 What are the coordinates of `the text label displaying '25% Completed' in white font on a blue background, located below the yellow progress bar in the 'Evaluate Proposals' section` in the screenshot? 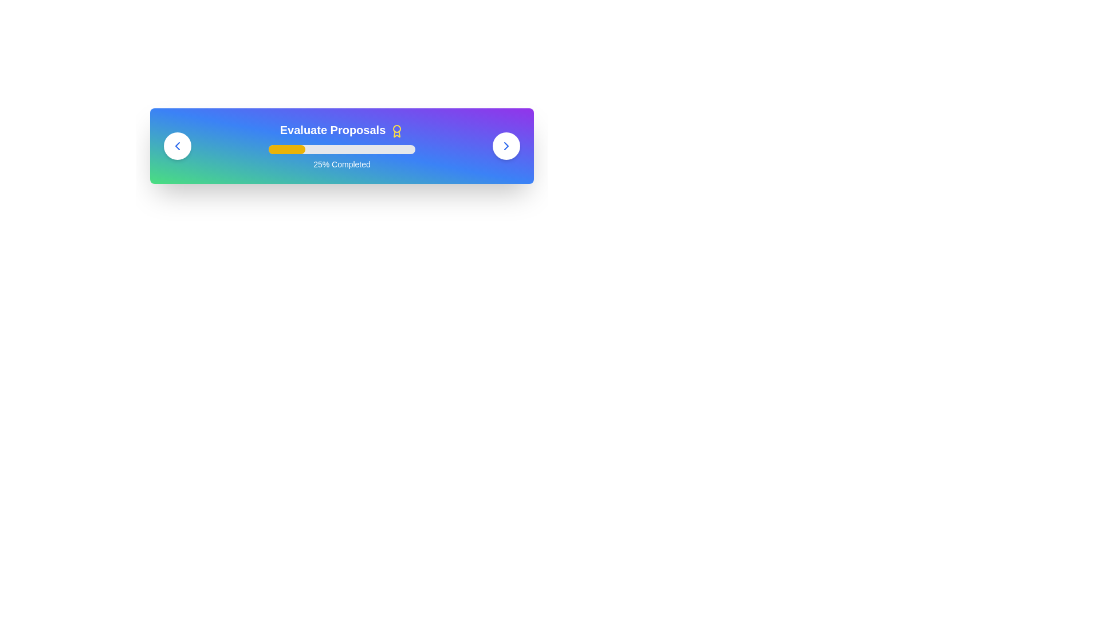 It's located at (341, 164).